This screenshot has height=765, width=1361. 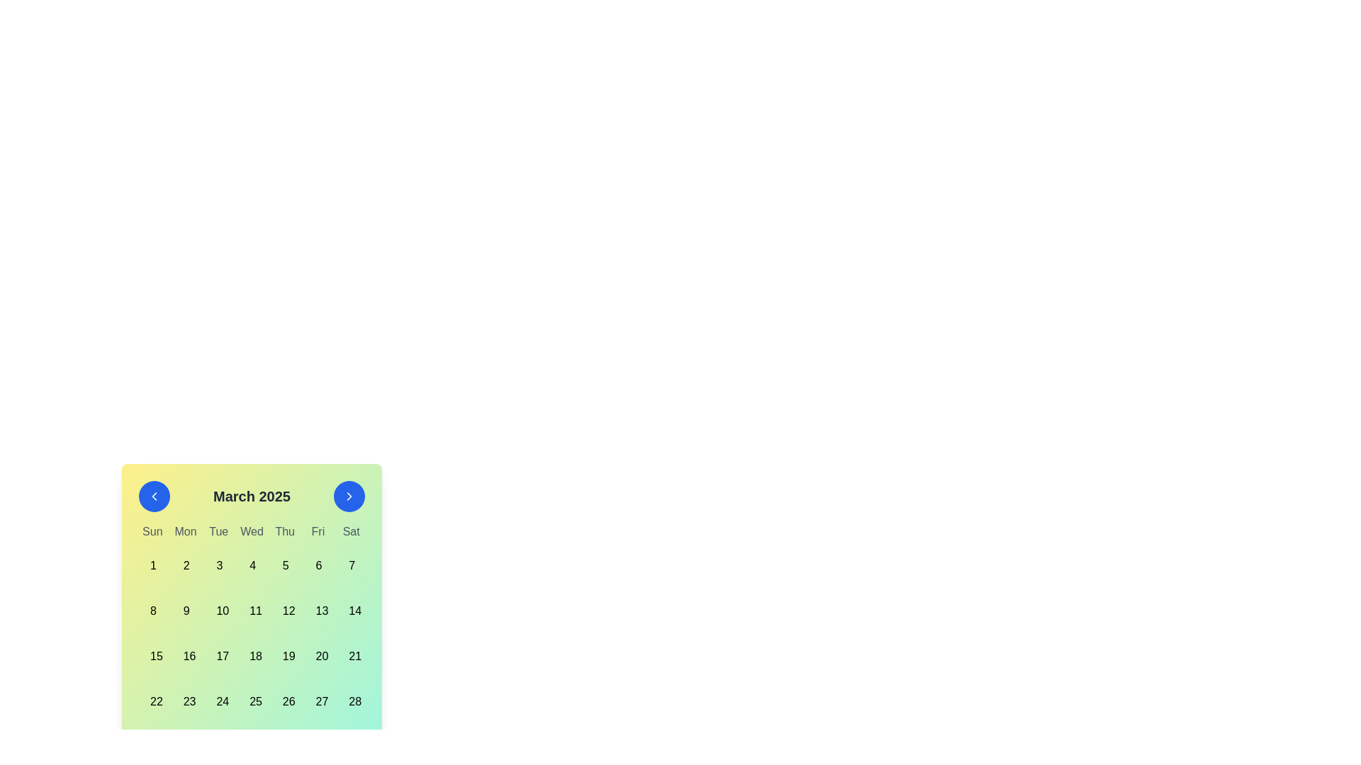 What do you see at coordinates (218, 532) in the screenshot?
I see `the 'Tuesday' text label in the calendar interface, which is the third item in the row of weekday labels between 'Mon' and 'Wed'` at bounding box center [218, 532].